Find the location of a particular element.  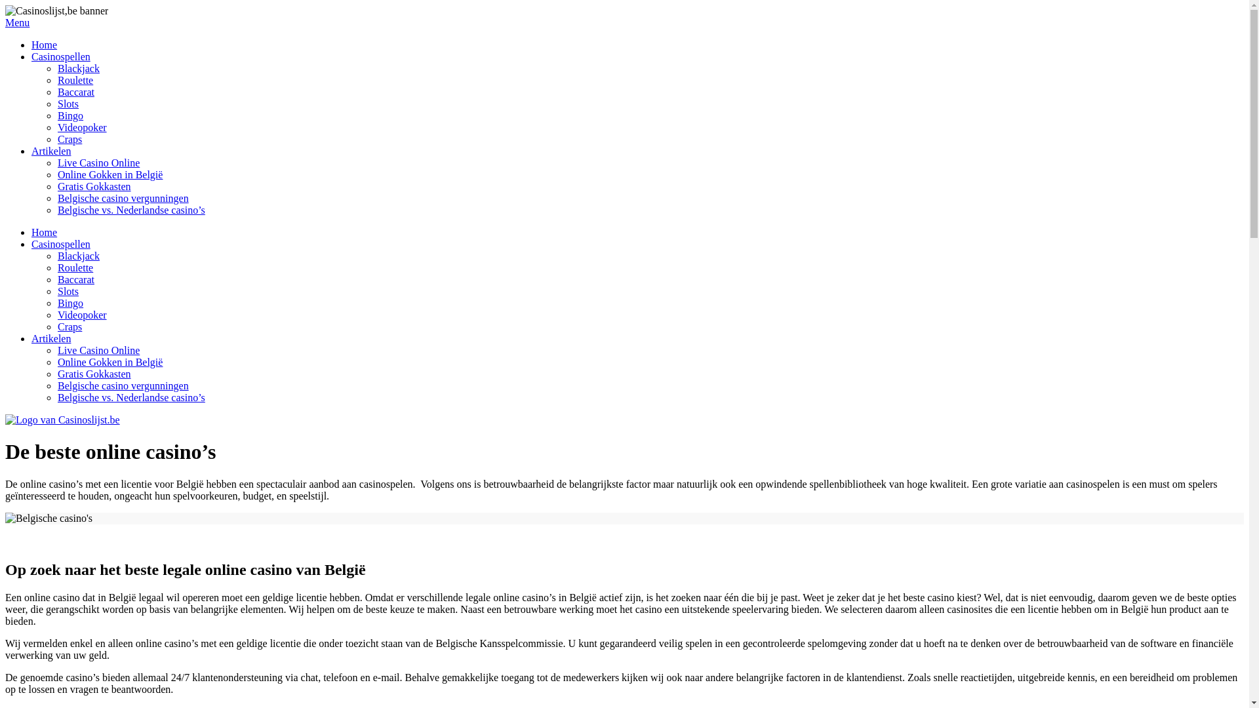

'Belgische casino vergunningen' is located at coordinates (123, 385).